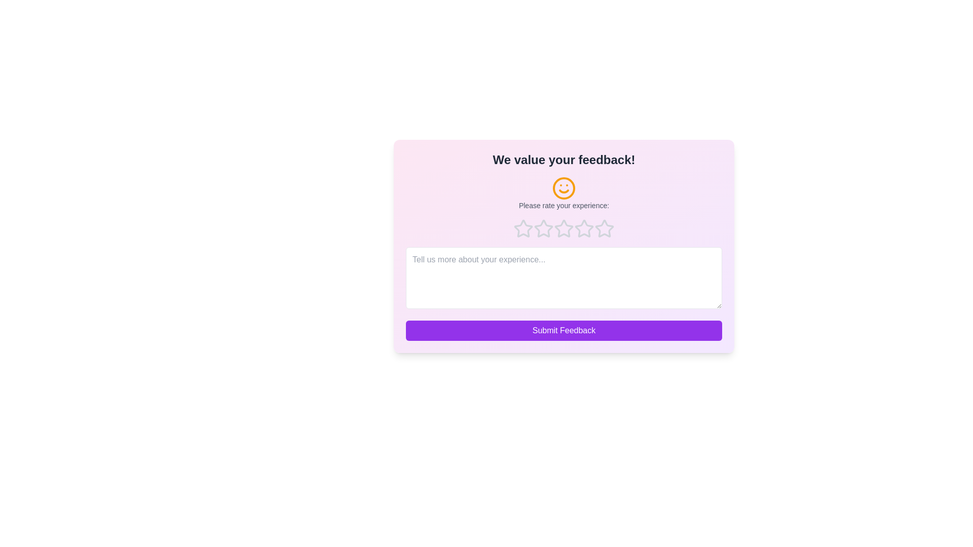  What do you see at coordinates (564, 330) in the screenshot?
I see `the rectangular button with a purple background and white text labeled 'Submit Feedback' located at the bottom of the feedback form` at bounding box center [564, 330].